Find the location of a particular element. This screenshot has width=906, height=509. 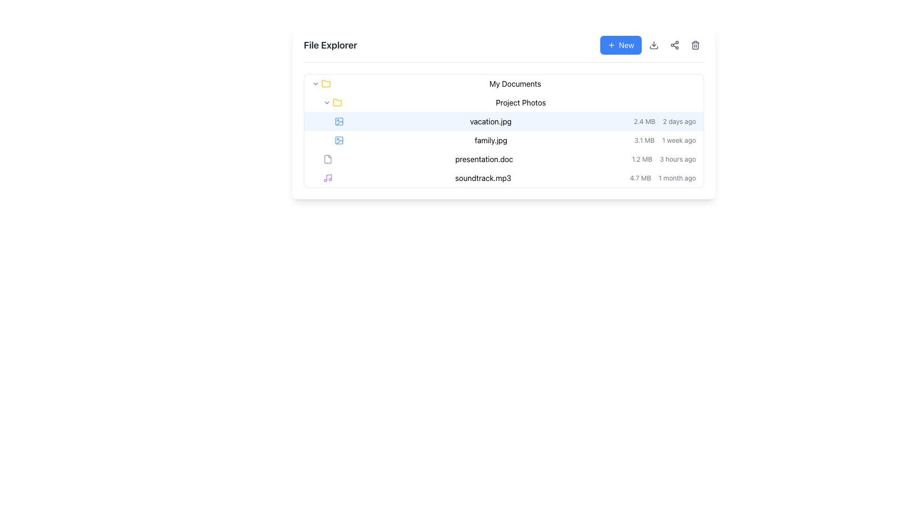

the text label displaying the filename 'family.jpg' to bring up contextual options is located at coordinates (491, 140).